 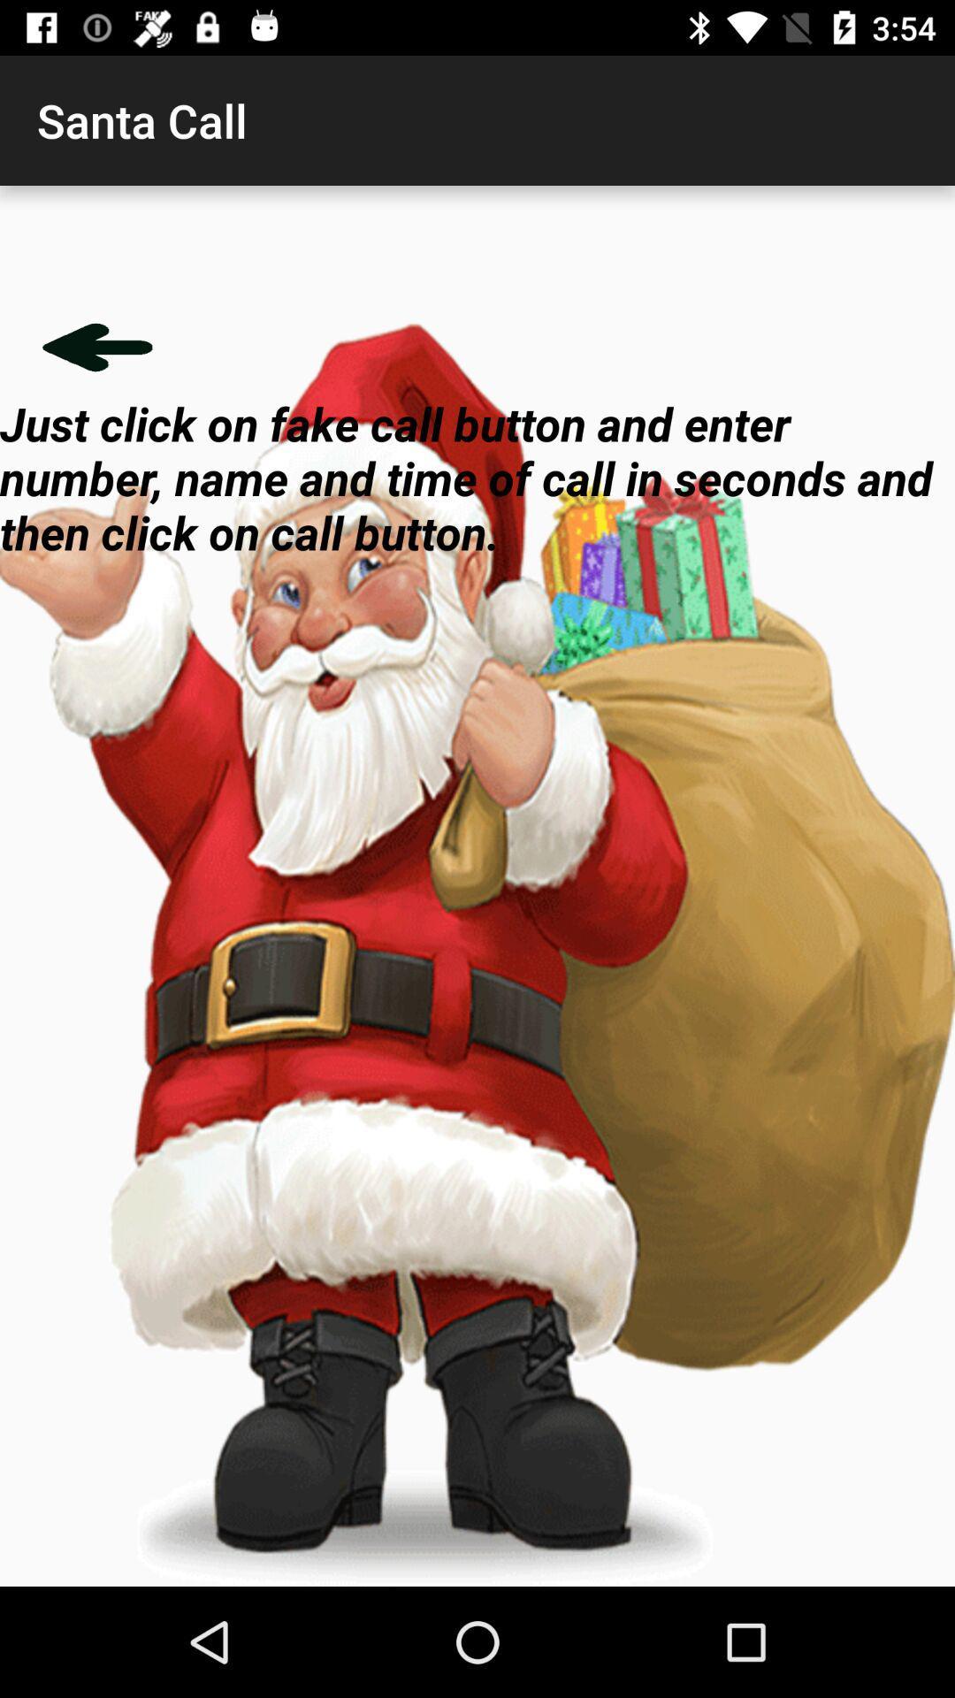 What do you see at coordinates (97, 347) in the screenshot?
I see `icon above just click on item` at bounding box center [97, 347].